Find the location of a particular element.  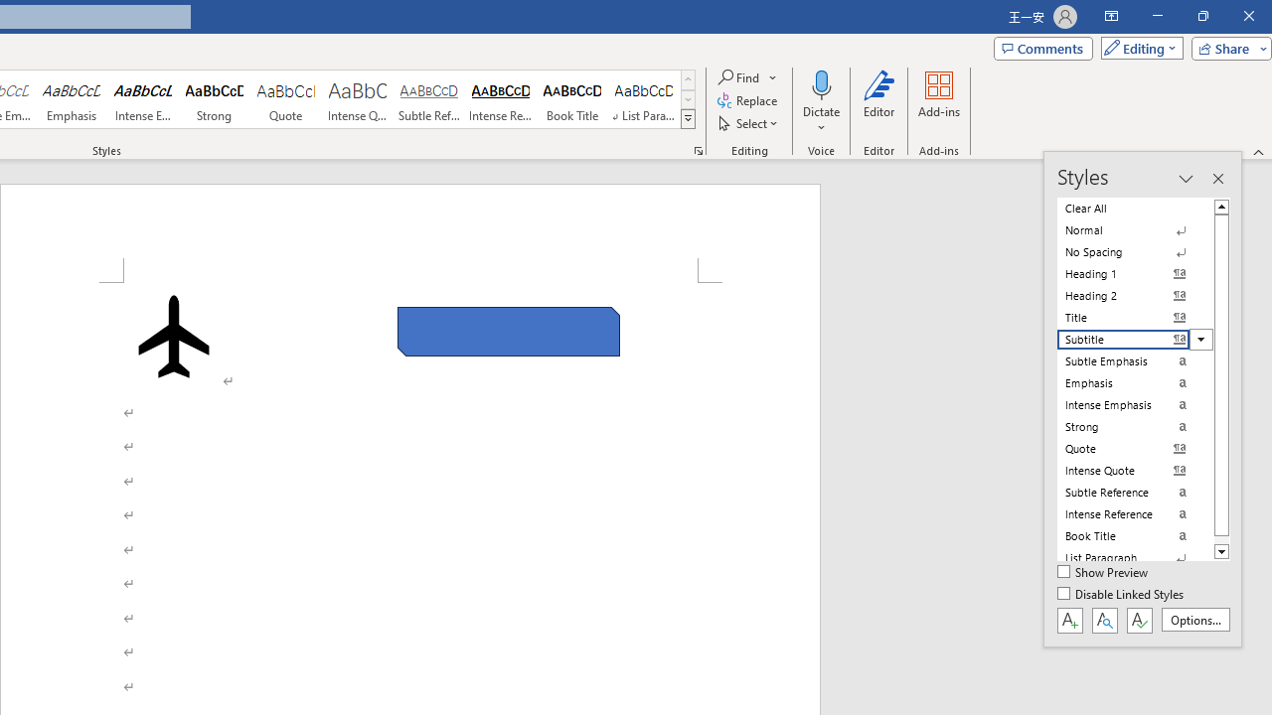

'Clear All' is located at coordinates (1135, 208).